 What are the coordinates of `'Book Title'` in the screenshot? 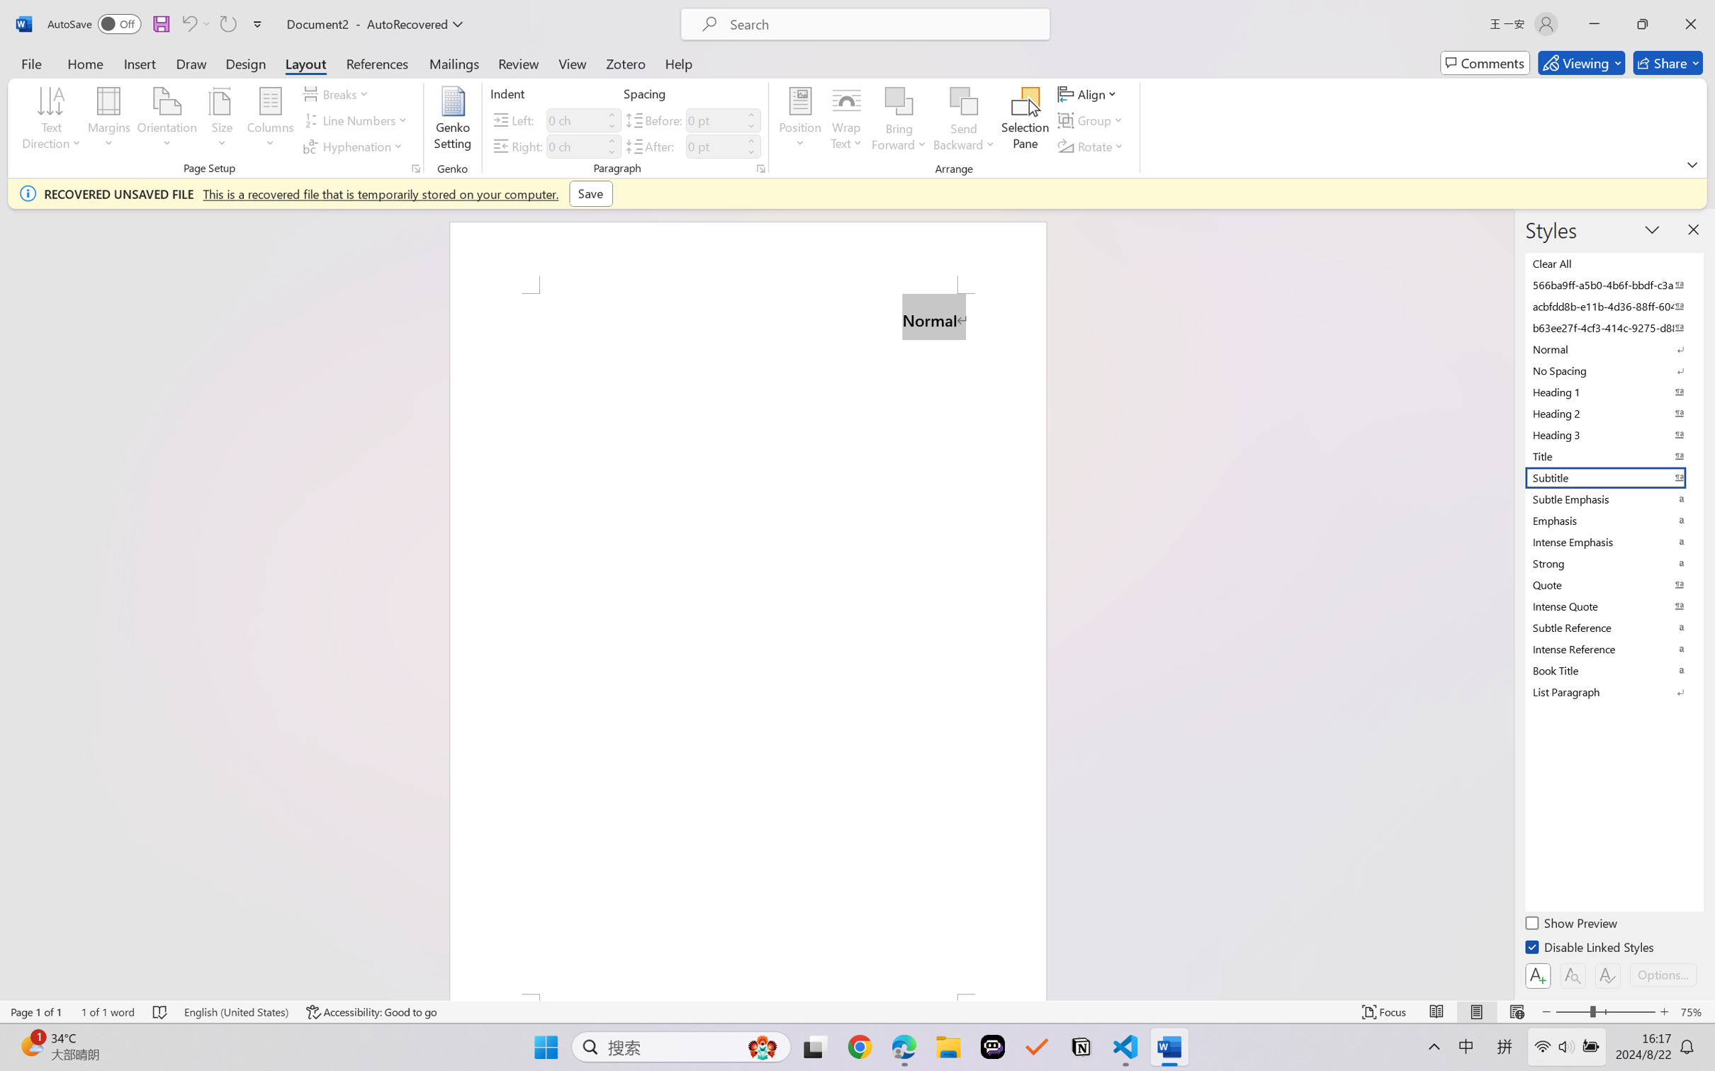 It's located at (1612, 670).